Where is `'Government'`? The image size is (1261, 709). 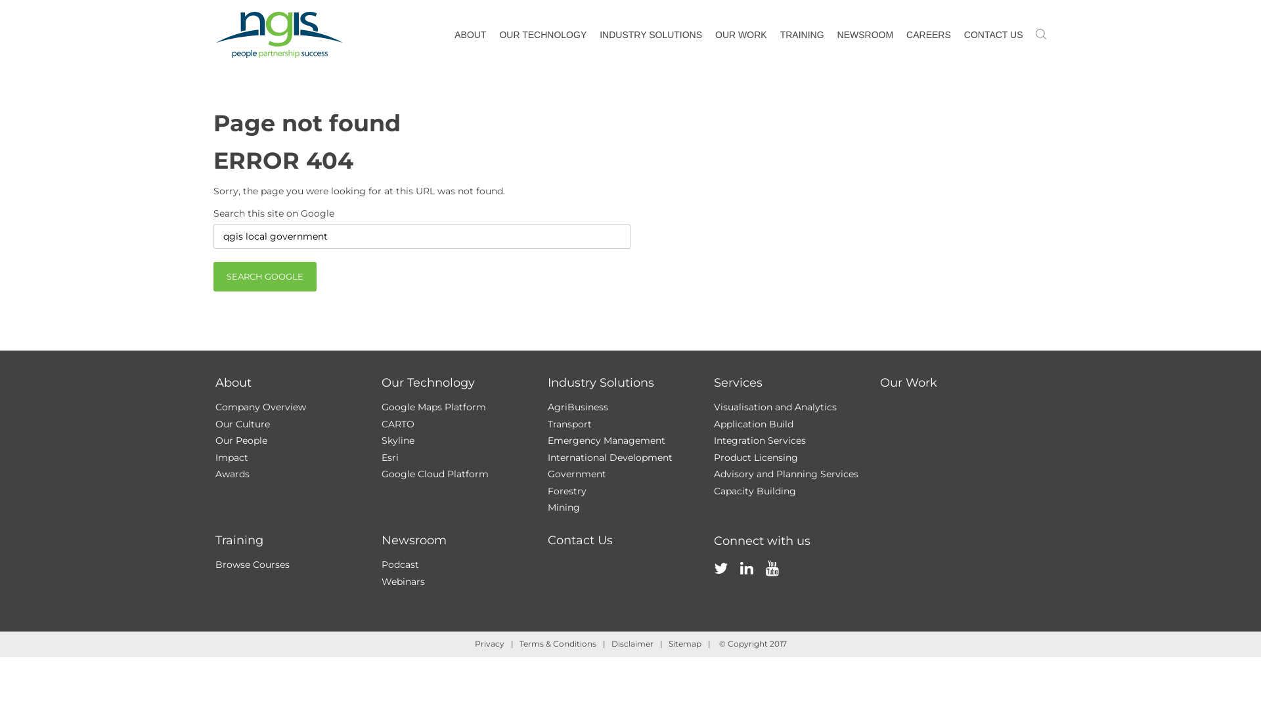
'Government' is located at coordinates (577, 473).